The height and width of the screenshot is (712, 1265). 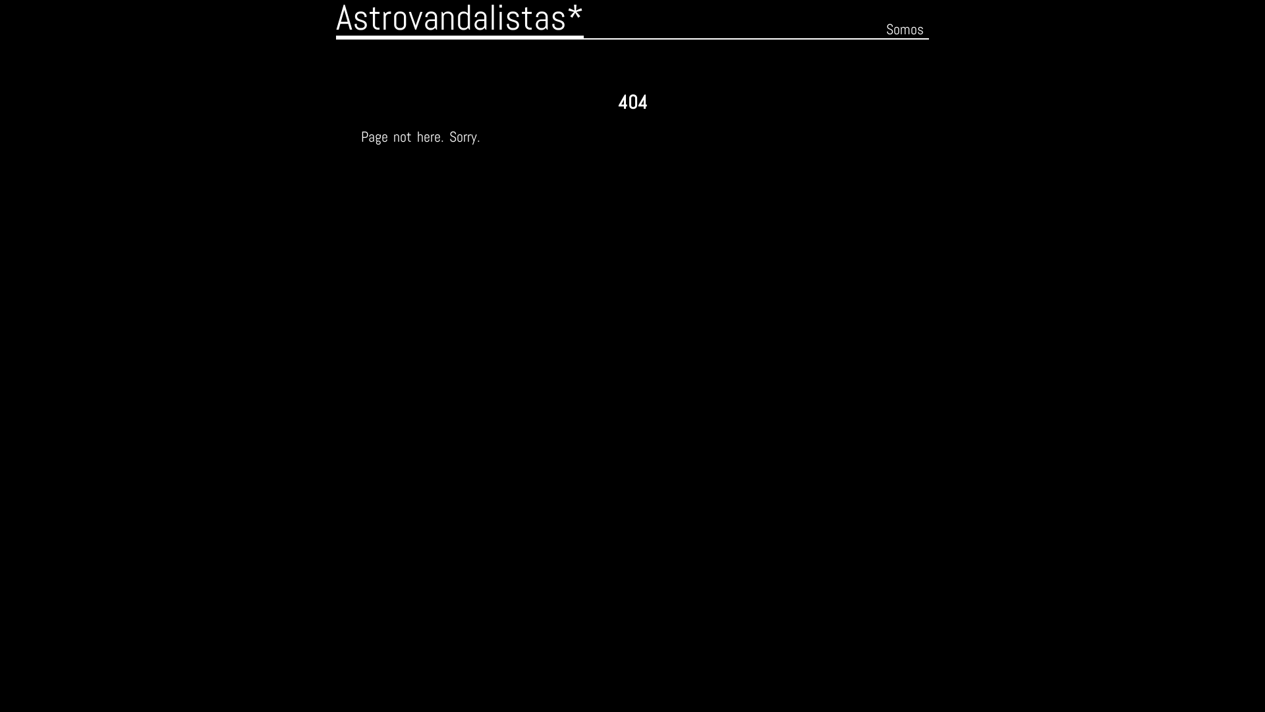 What do you see at coordinates (459, 19) in the screenshot?
I see `'Astrovandalistas*'` at bounding box center [459, 19].